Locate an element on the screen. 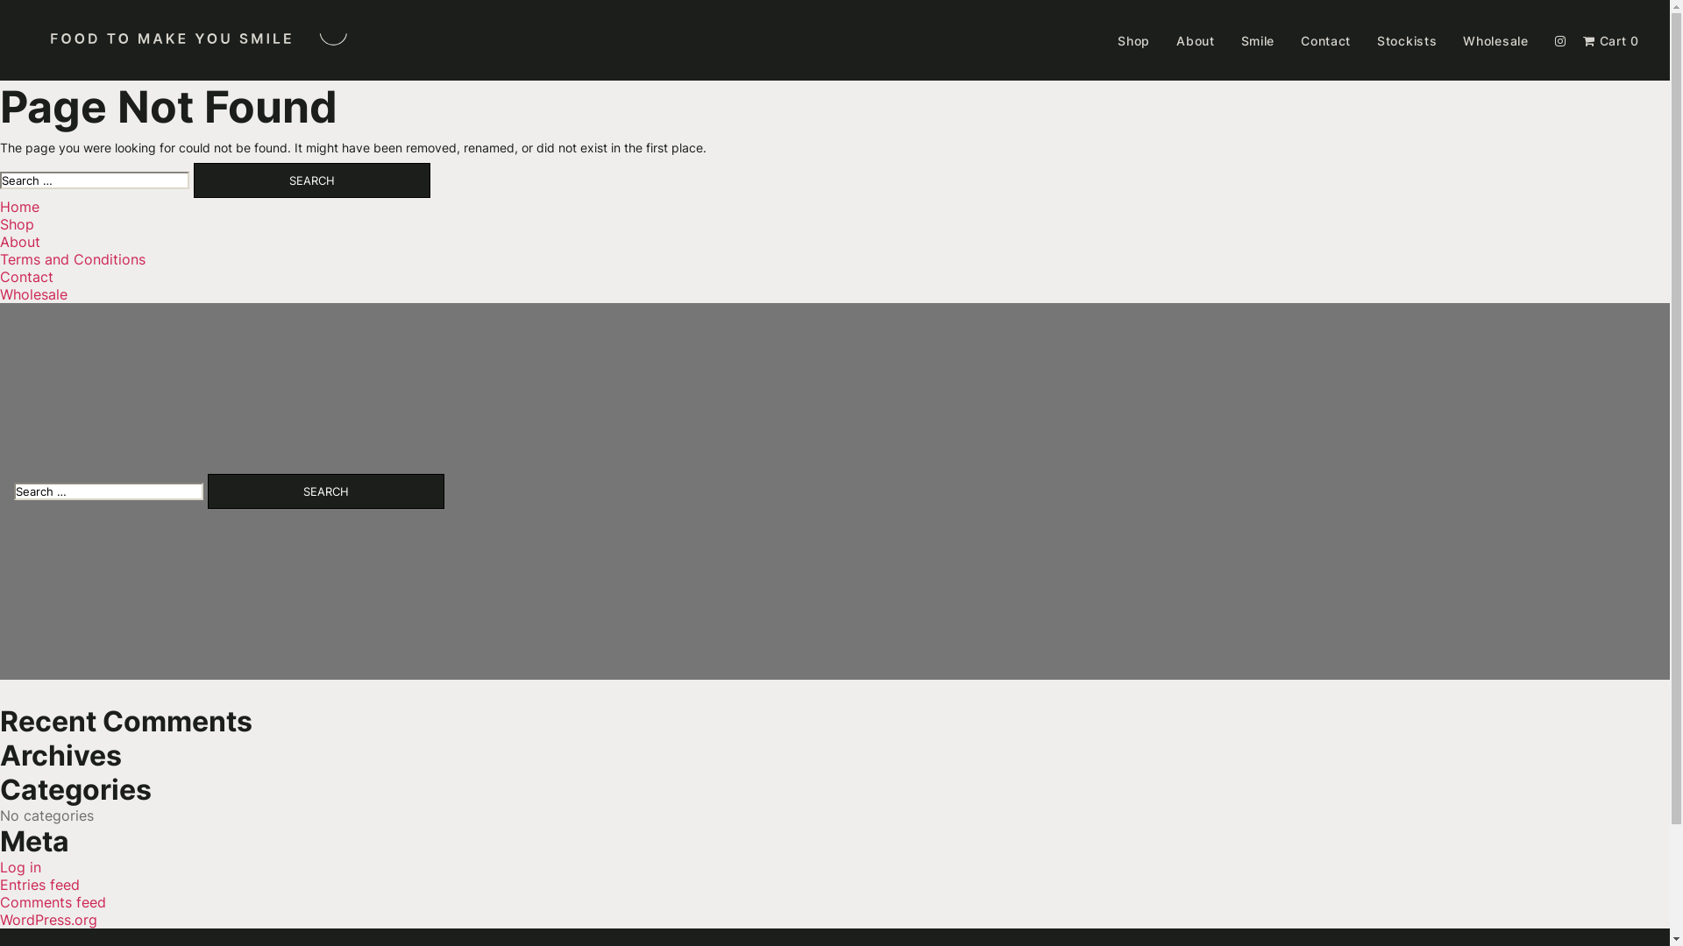 The width and height of the screenshot is (1683, 946). 'WordPress.org' is located at coordinates (48, 918).